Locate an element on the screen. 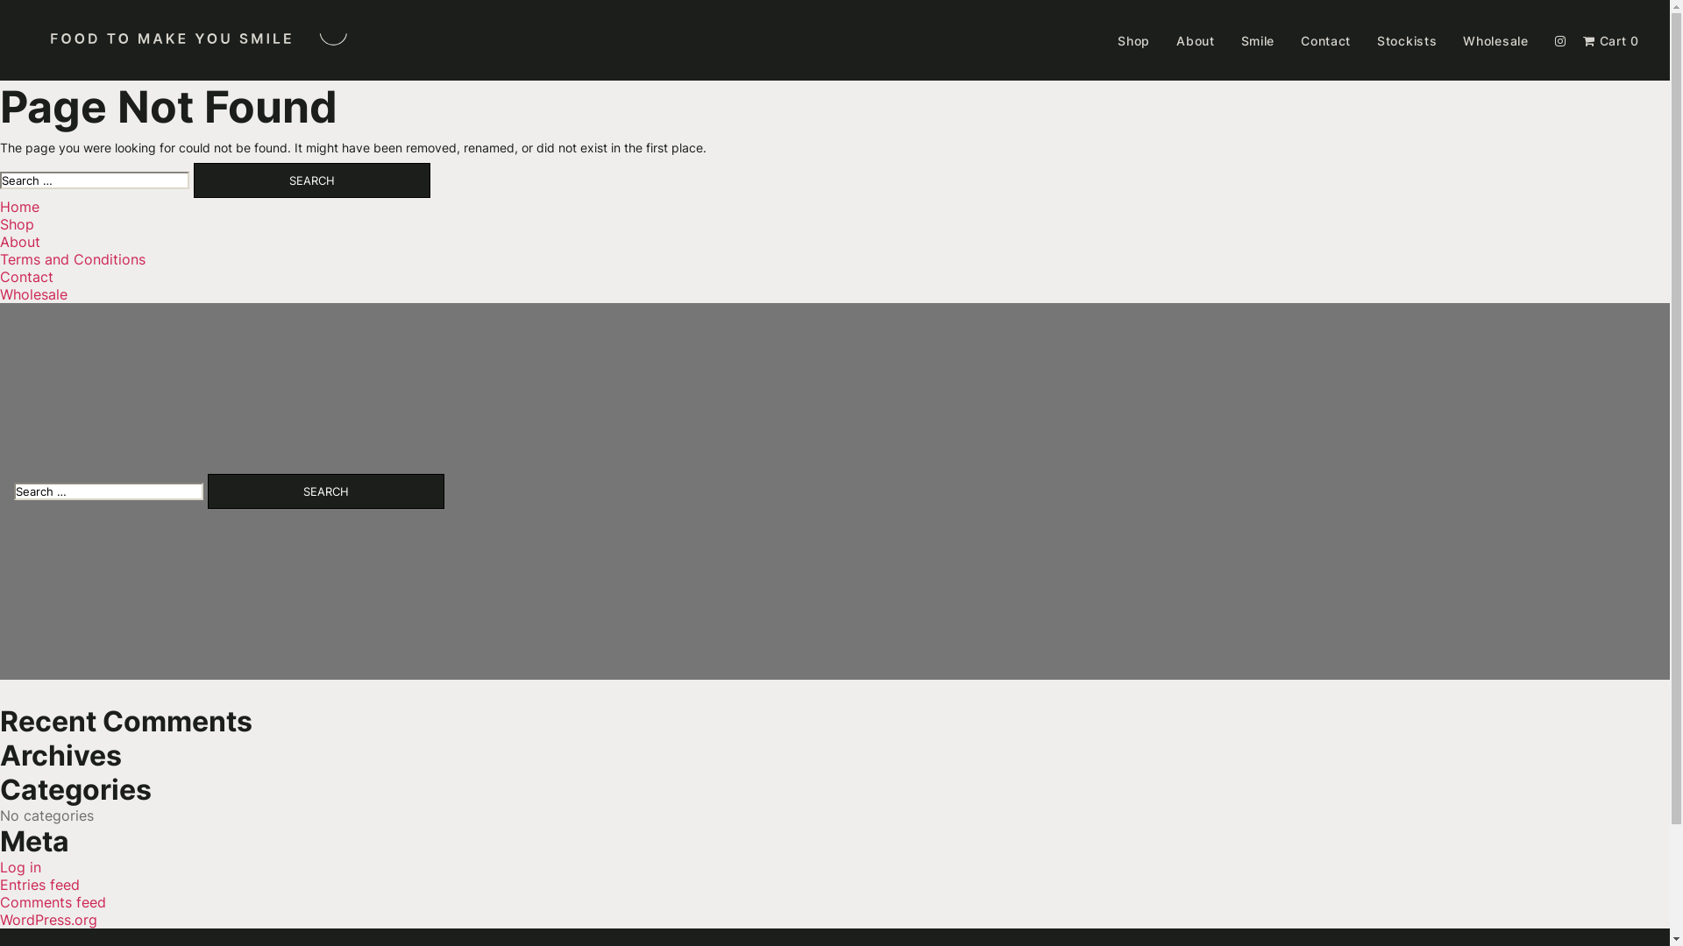 The width and height of the screenshot is (1683, 946). 'WordPress.org' is located at coordinates (48, 918).